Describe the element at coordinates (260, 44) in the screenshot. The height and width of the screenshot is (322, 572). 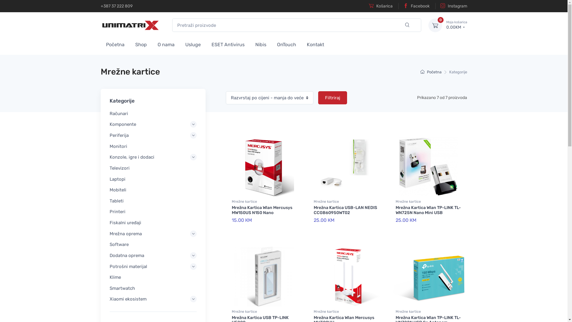
I see `'Nibis'` at that location.